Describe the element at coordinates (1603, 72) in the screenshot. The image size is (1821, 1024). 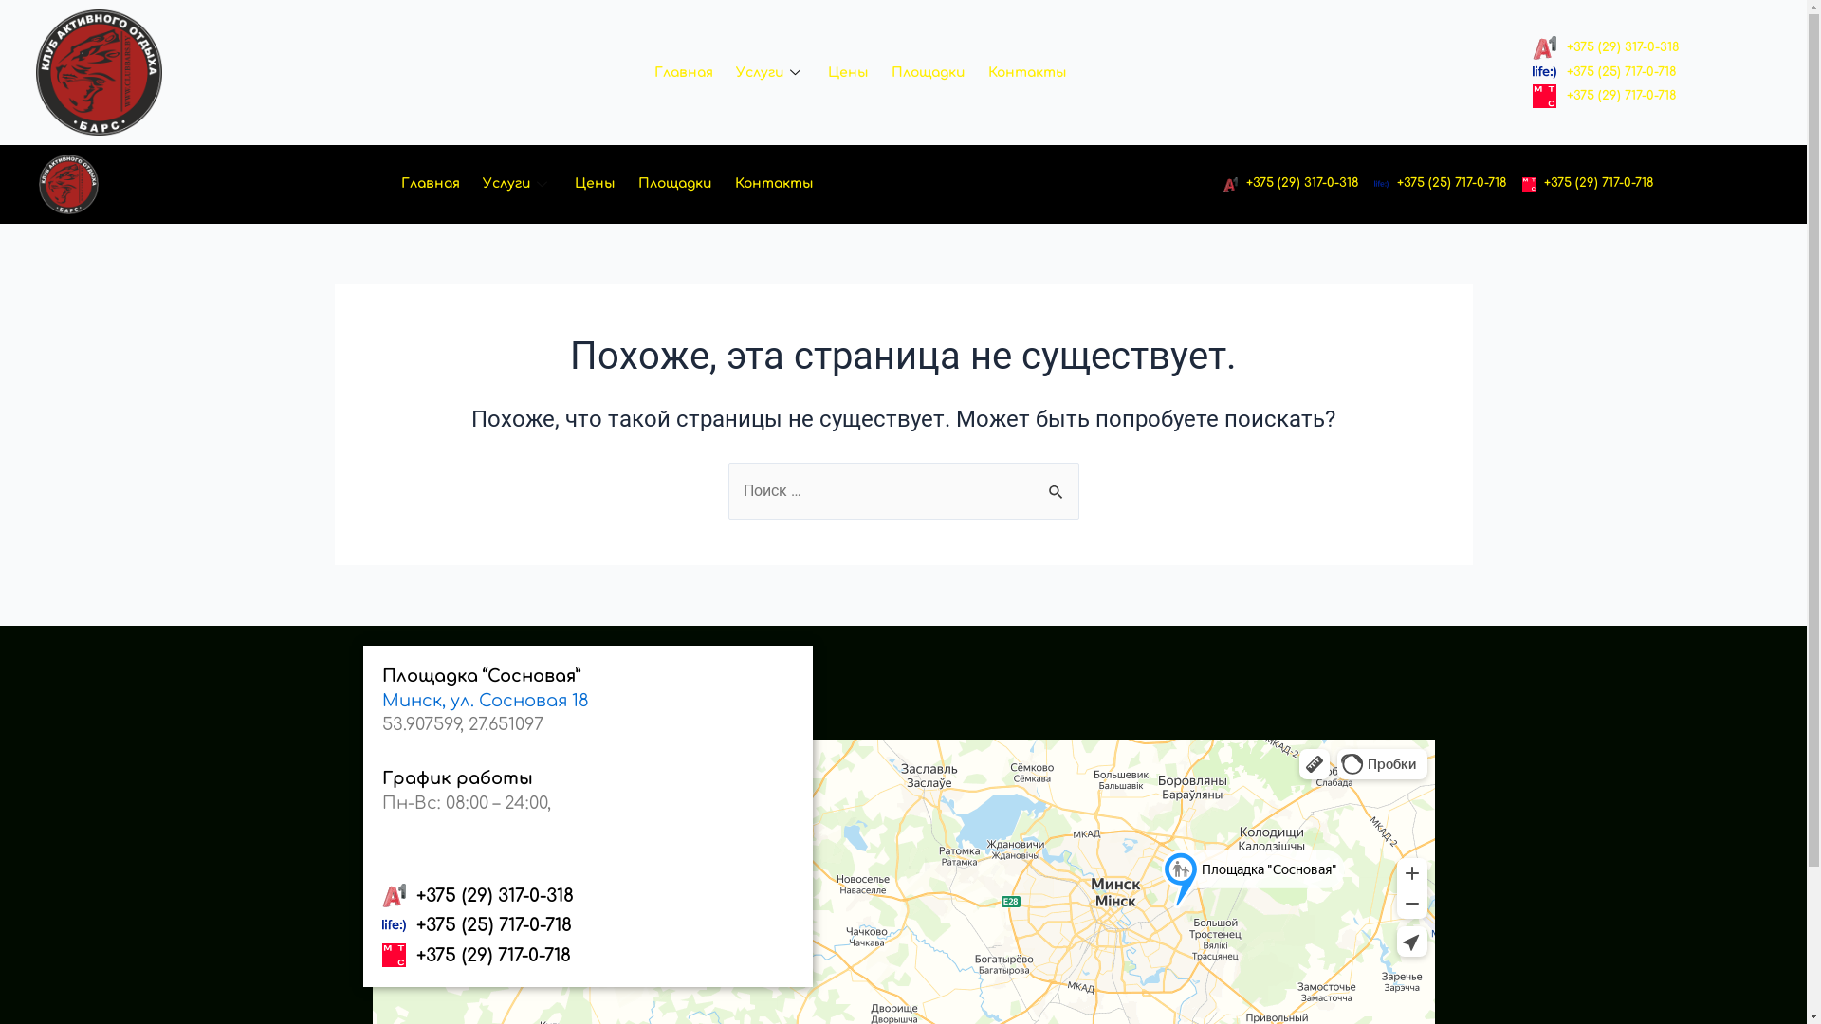
I see `'+375 (25) 717-0-718'` at that location.